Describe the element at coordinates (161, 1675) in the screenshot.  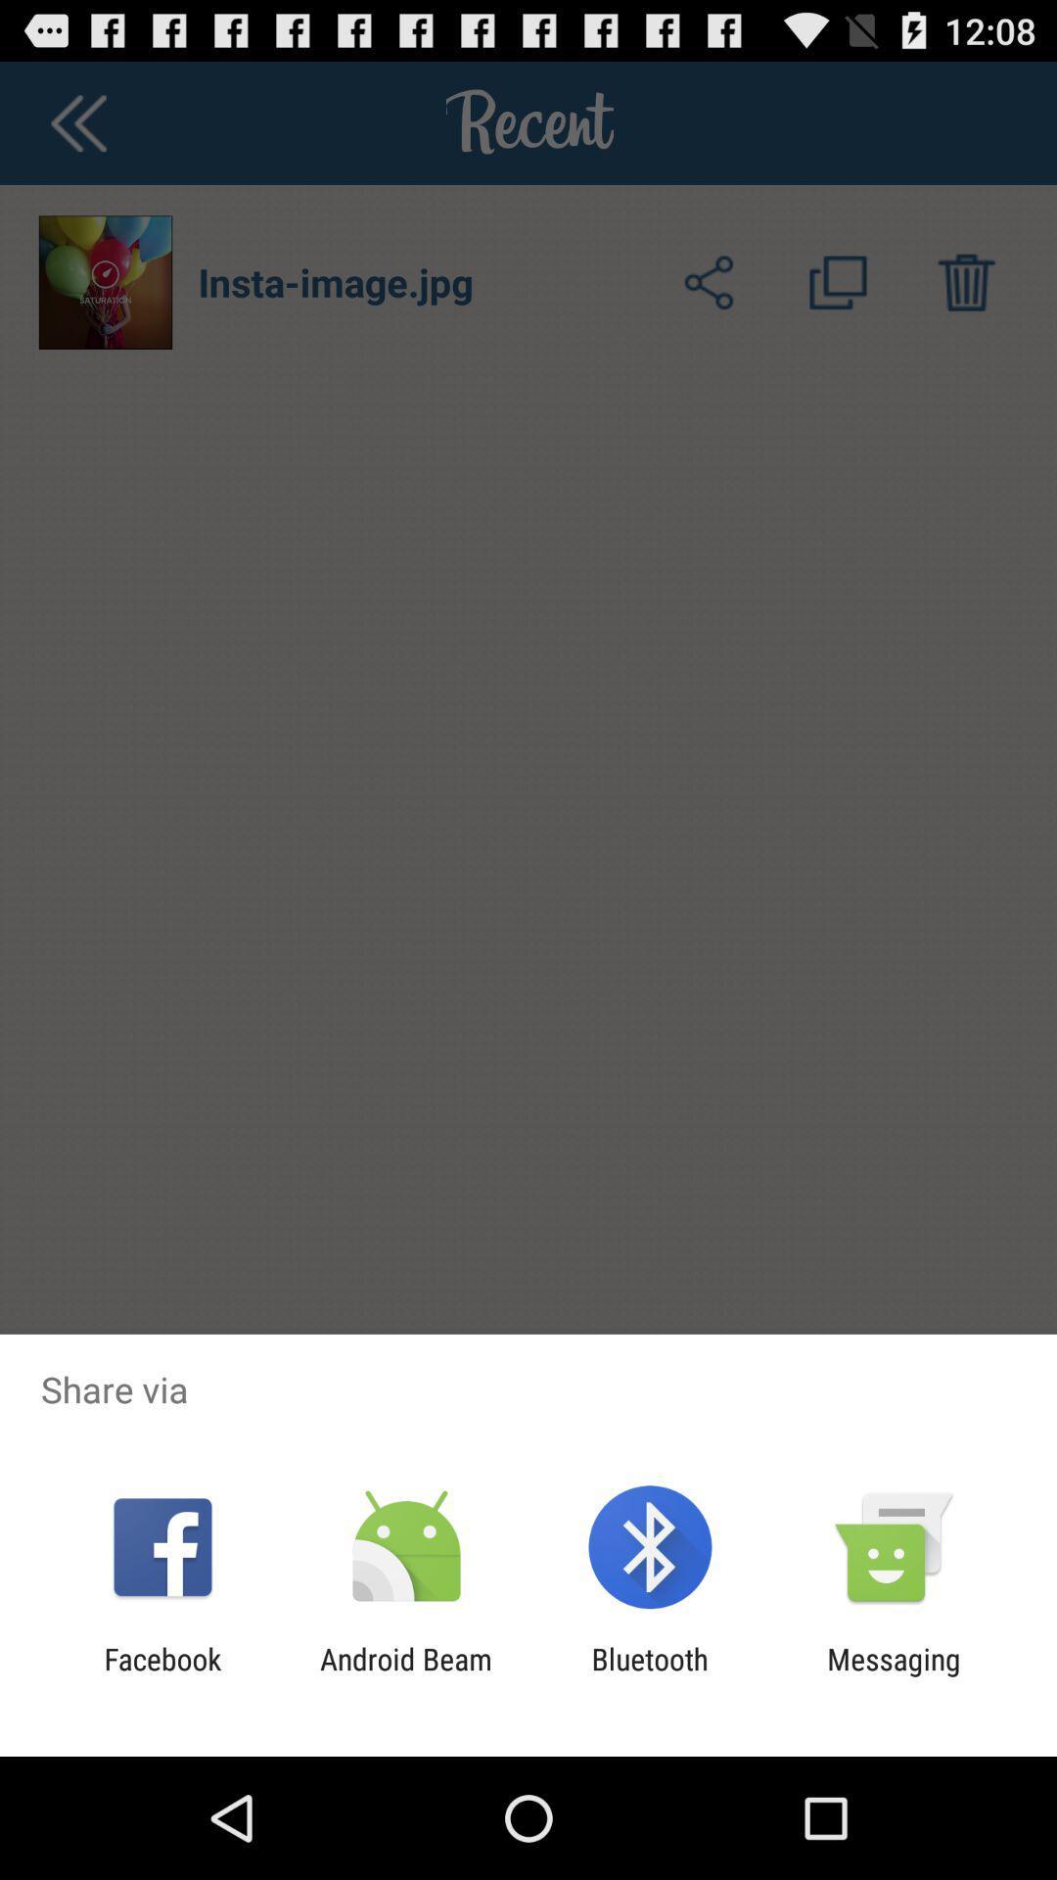
I see `icon next to the android beam item` at that location.